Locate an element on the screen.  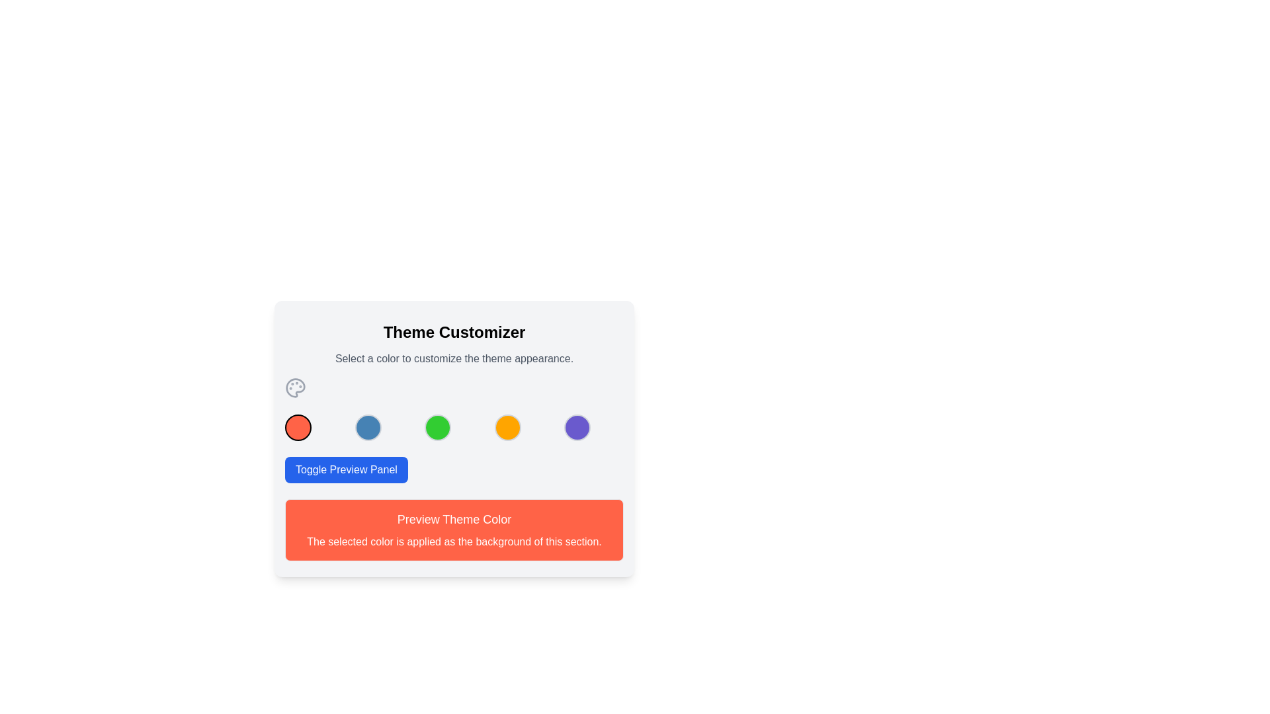
the fourth circular button from the left in the theme customizer interface is located at coordinates (507, 428).